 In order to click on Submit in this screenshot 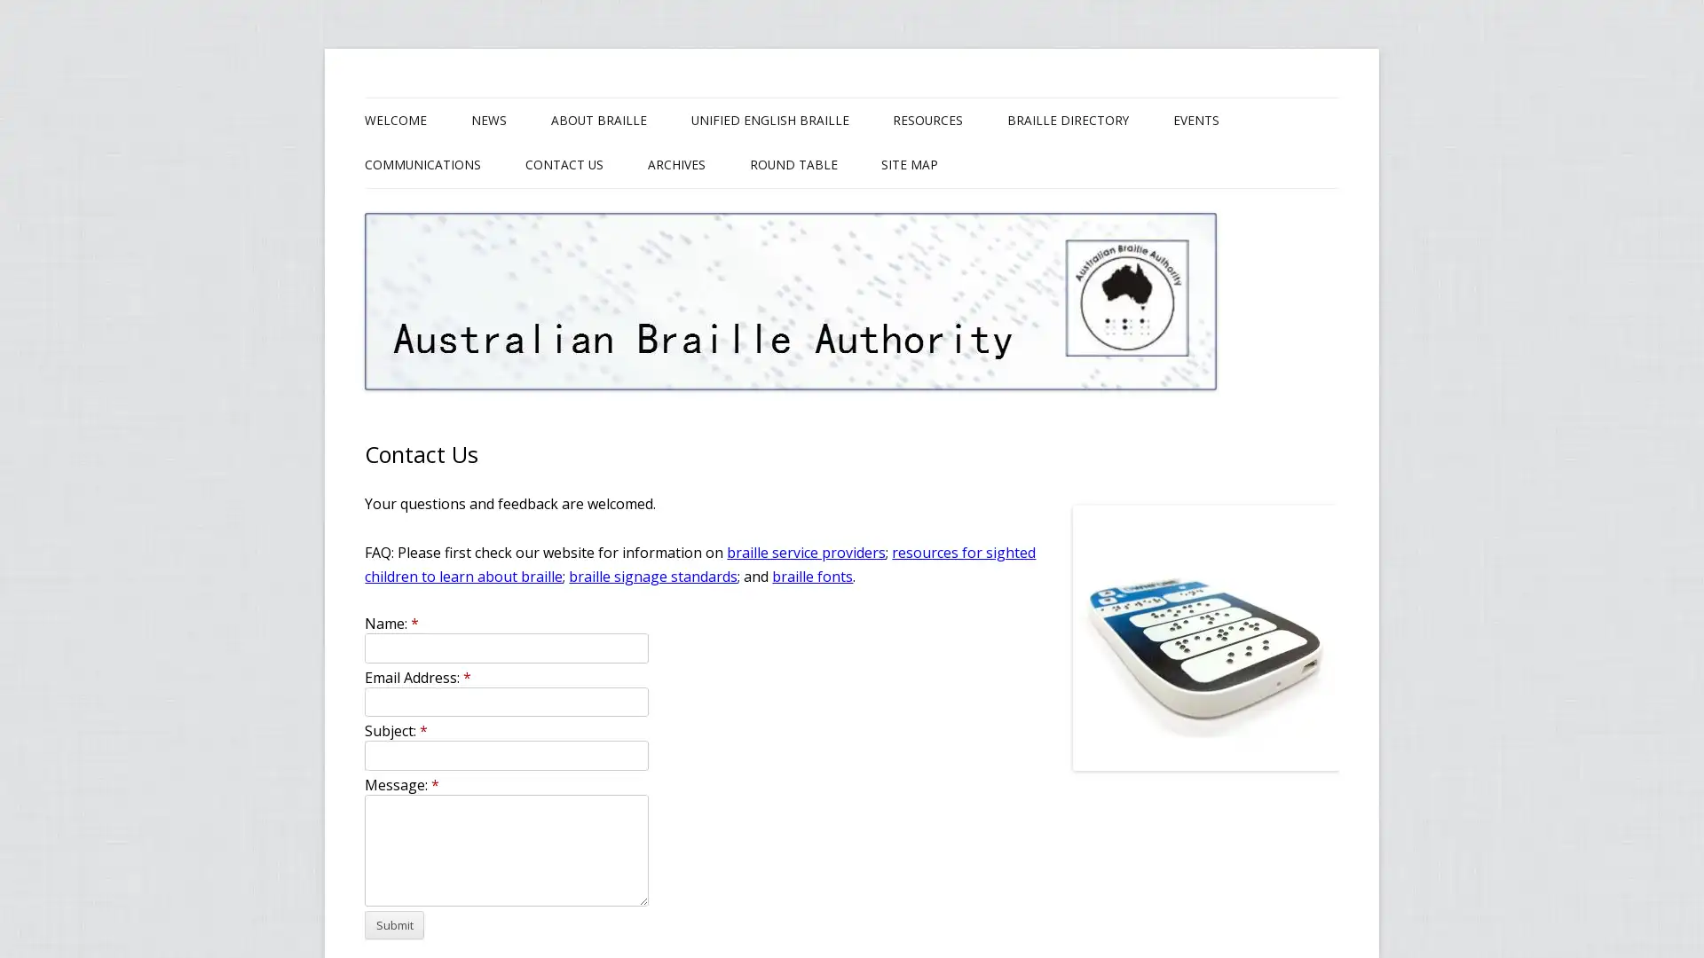, I will do `click(393, 923)`.